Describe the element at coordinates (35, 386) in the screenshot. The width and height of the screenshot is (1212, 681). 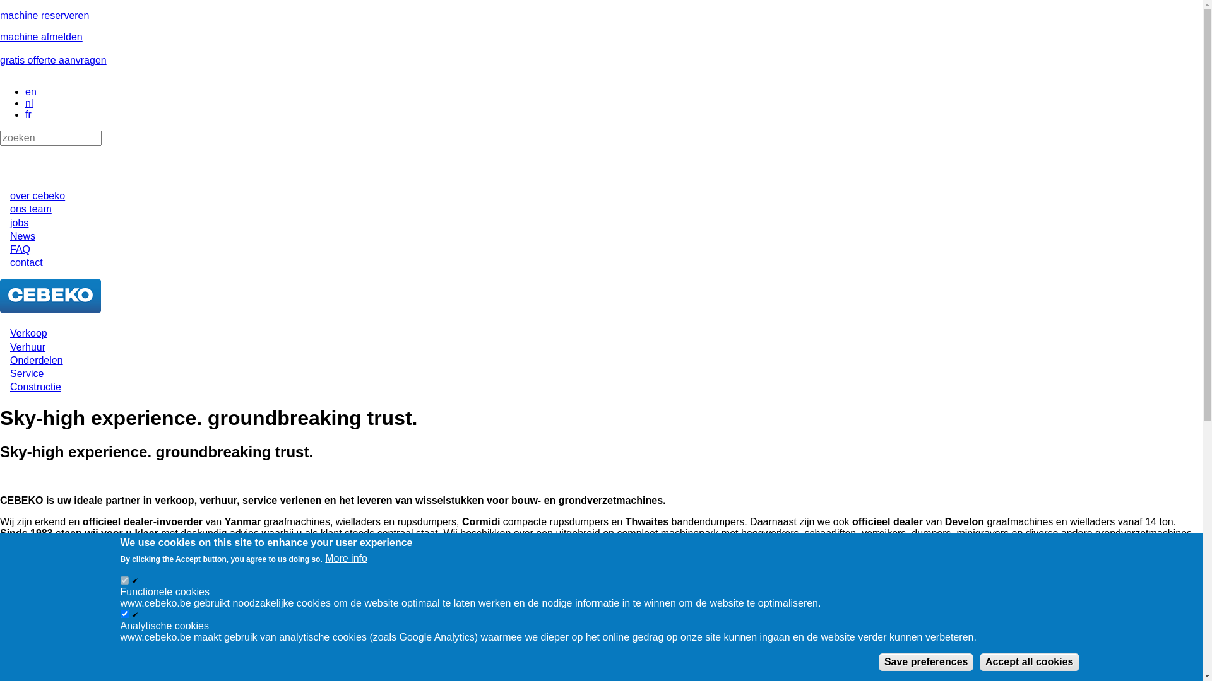
I see `'Constructie'` at that location.